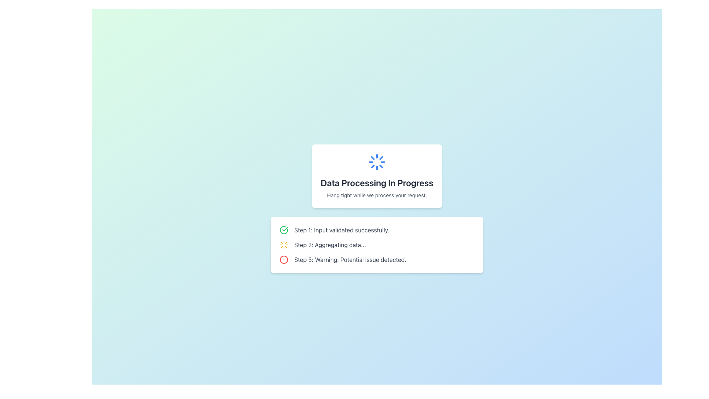 The height and width of the screenshot is (399, 709). I want to click on the green circular icon with a checkmark, which indicates a completed step, located to the left of the text 'Step 1: Input validated successfully.', so click(283, 230).